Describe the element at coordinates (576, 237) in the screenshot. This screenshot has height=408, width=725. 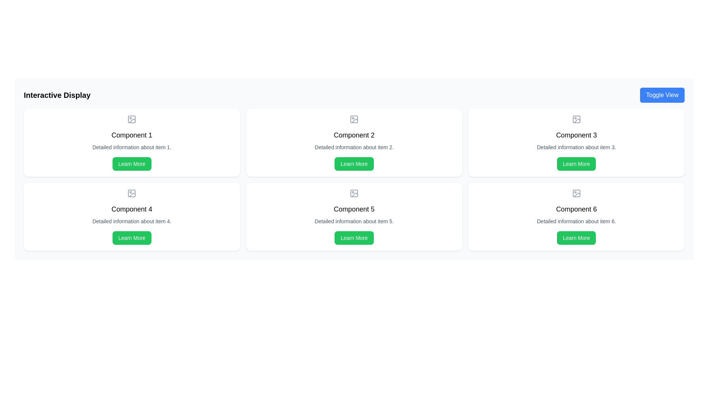
I see `the rectangular 'Learn More' button with a green background and white text located at the bottom center of the 'Component 6' card` at that location.